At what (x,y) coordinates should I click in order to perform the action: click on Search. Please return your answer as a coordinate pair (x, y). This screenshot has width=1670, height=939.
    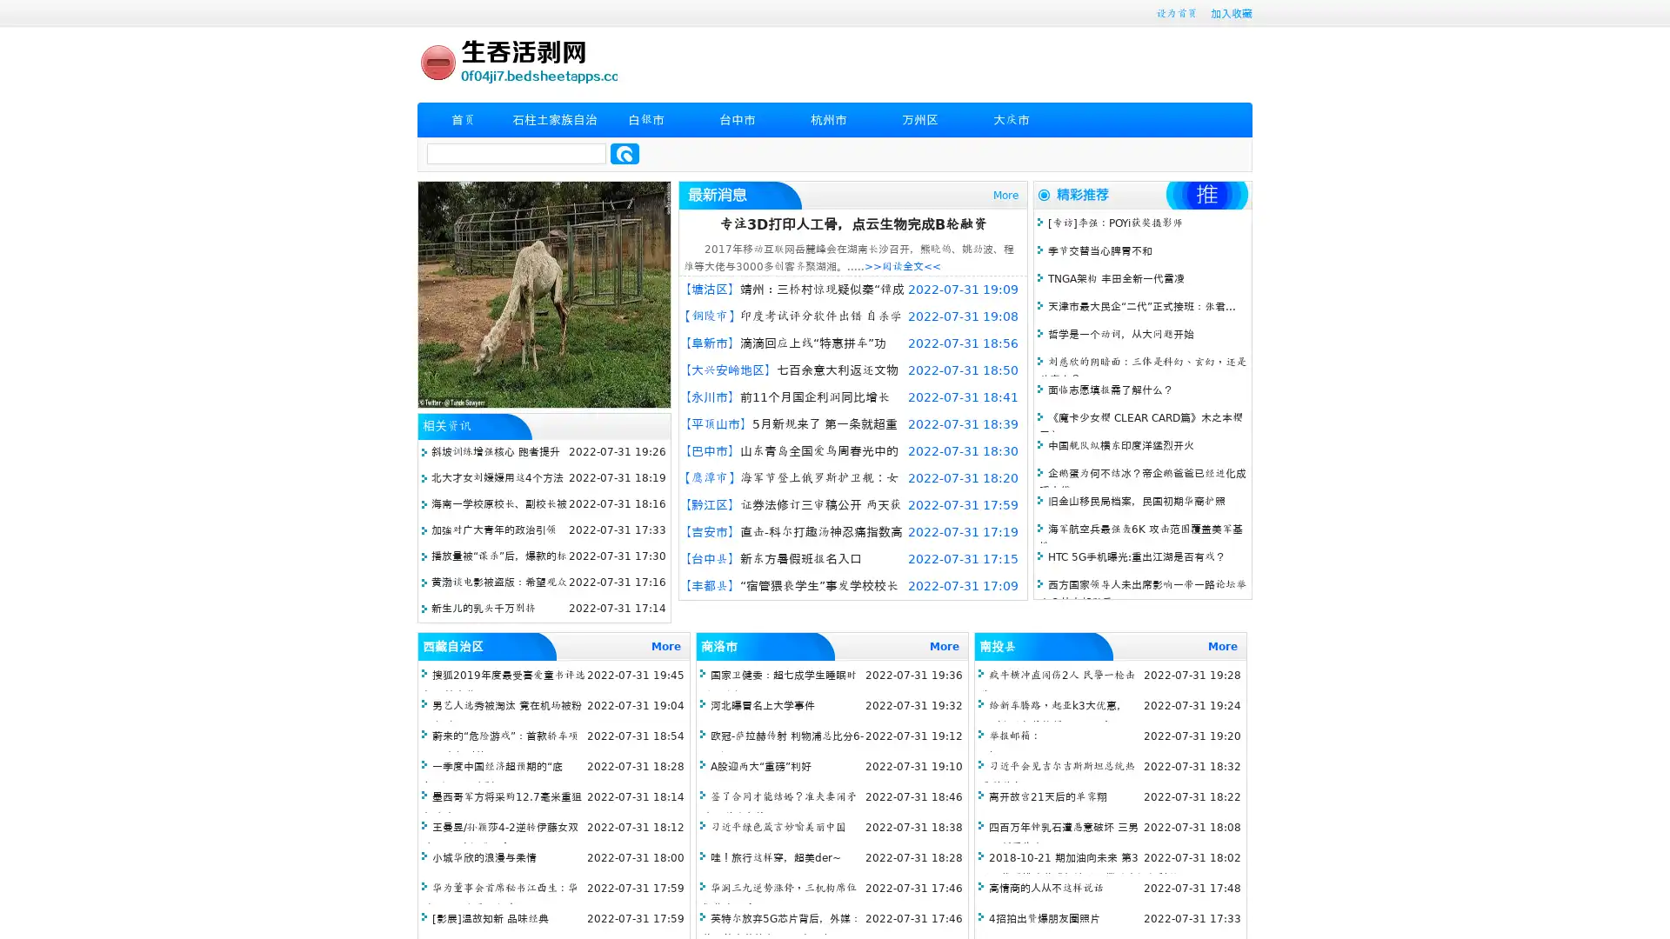
    Looking at the image, I should click on (625, 153).